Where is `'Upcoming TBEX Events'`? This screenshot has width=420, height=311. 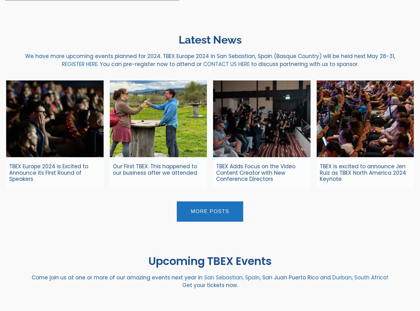 'Upcoming TBEX Events' is located at coordinates (209, 260).